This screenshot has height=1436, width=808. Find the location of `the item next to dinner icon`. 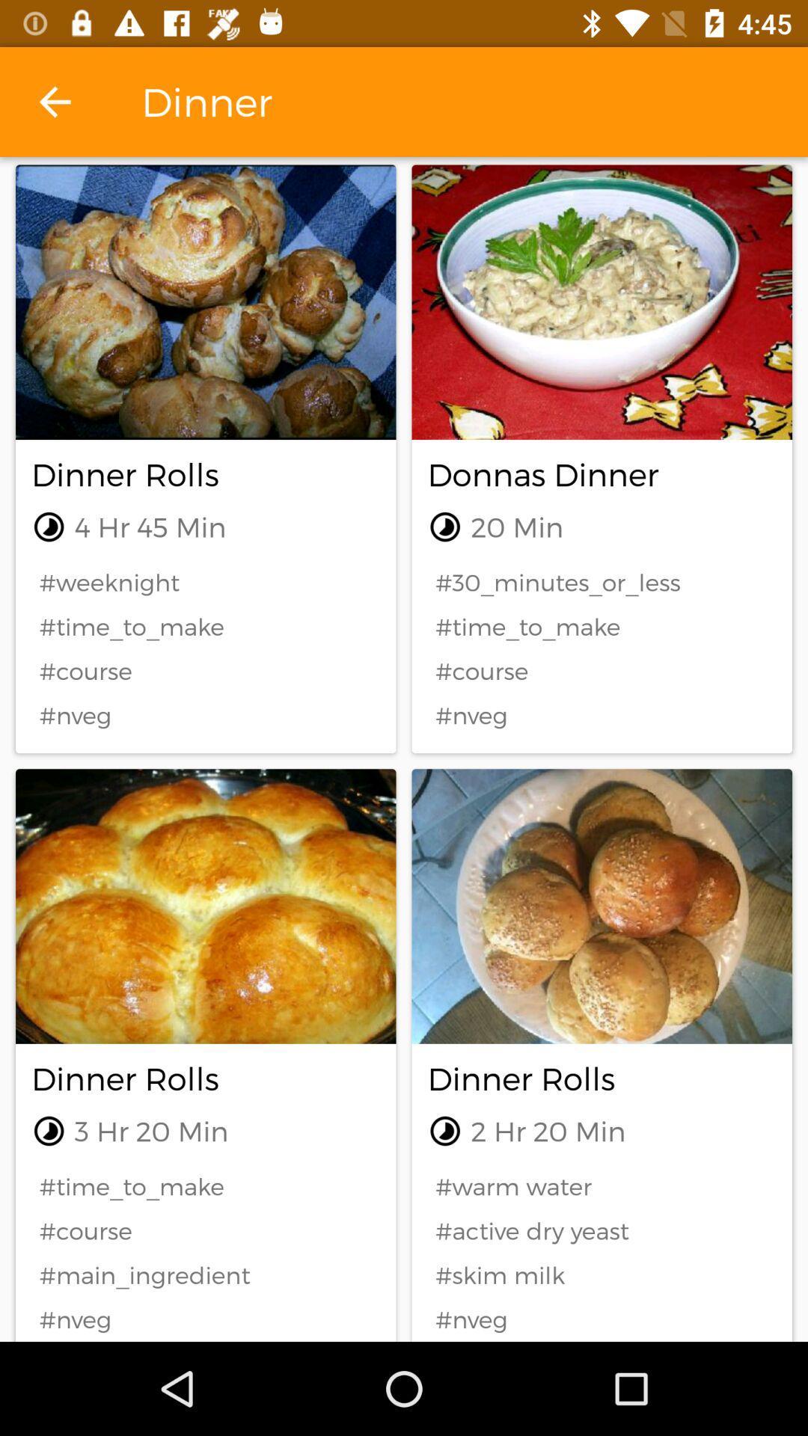

the item next to dinner icon is located at coordinates (54, 101).